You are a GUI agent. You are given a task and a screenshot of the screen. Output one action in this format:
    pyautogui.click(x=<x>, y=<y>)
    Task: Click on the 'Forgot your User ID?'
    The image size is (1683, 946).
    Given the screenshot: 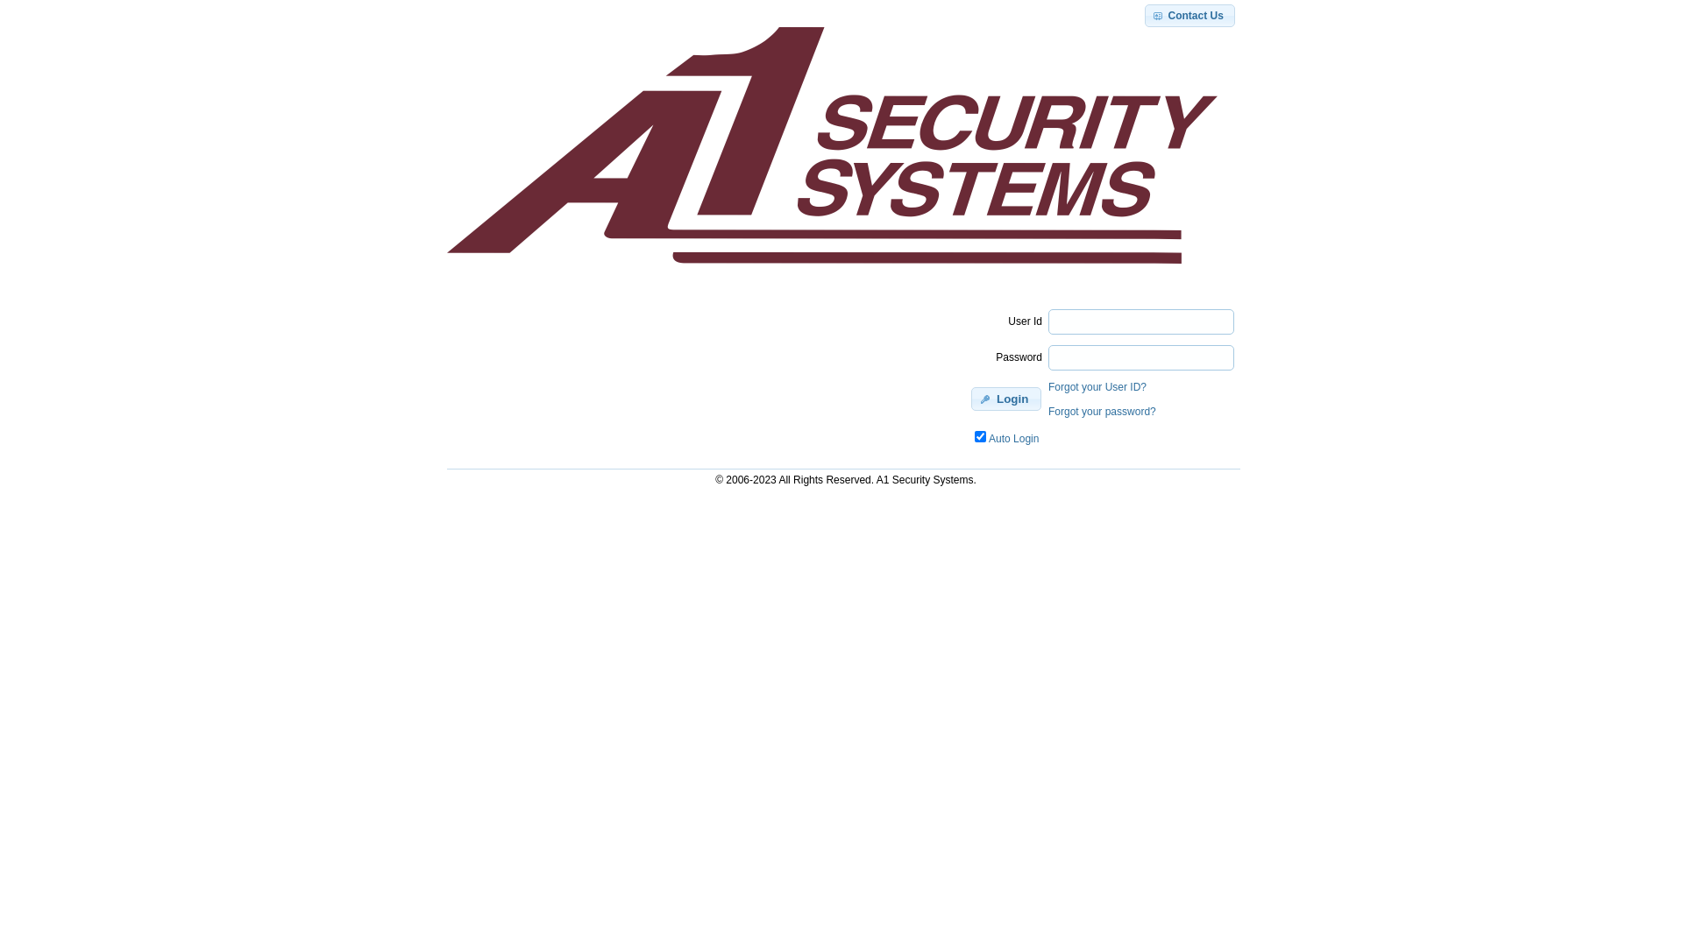 What is the action you would take?
    pyautogui.click(x=1097, y=386)
    